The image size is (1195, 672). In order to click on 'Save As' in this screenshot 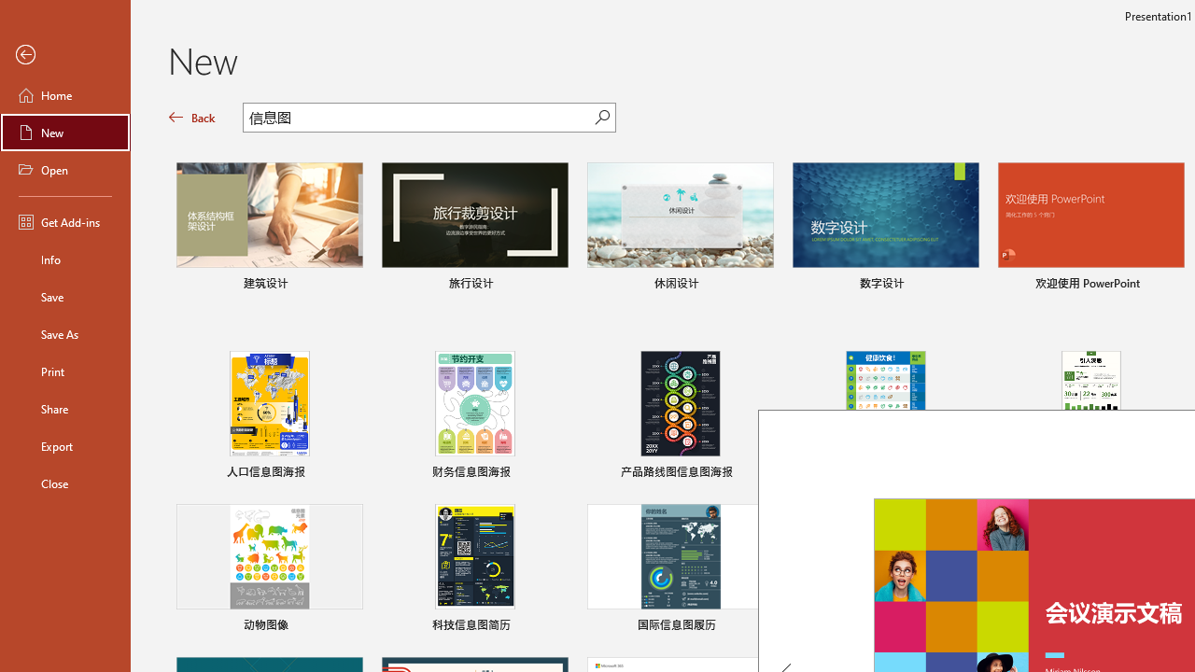, I will do `click(64, 332)`.